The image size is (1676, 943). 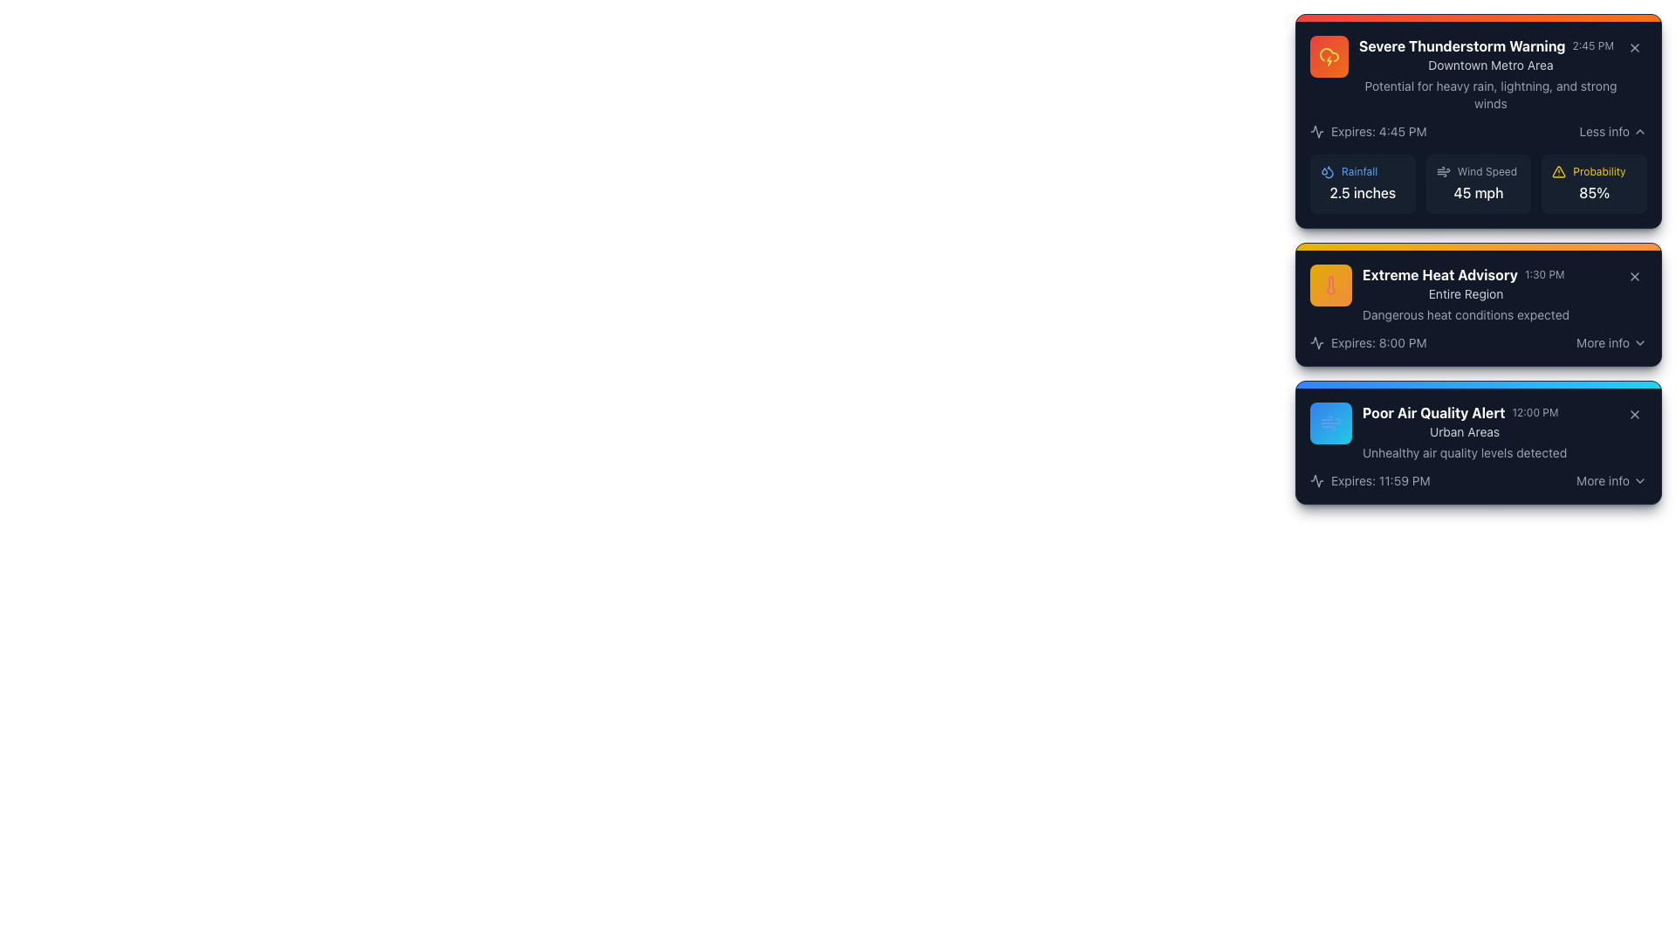 What do you see at coordinates (1377, 130) in the screenshot?
I see `the text label displaying the expiration time of the warning located in the 'Severe Thunderstorm Warning' alert card` at bounding box center [1377, 130].